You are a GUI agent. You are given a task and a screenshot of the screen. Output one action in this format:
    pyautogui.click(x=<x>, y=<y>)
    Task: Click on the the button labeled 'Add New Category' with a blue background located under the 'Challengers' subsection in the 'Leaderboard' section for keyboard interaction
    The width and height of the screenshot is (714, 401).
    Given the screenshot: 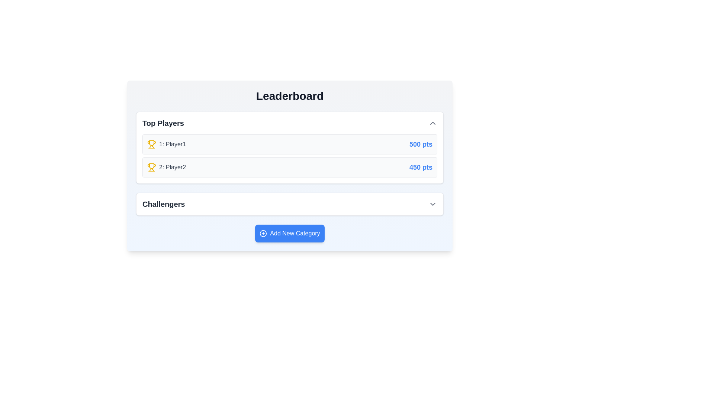 What is the action you would take?
    pyautogui.click(x=289, y=233)
    